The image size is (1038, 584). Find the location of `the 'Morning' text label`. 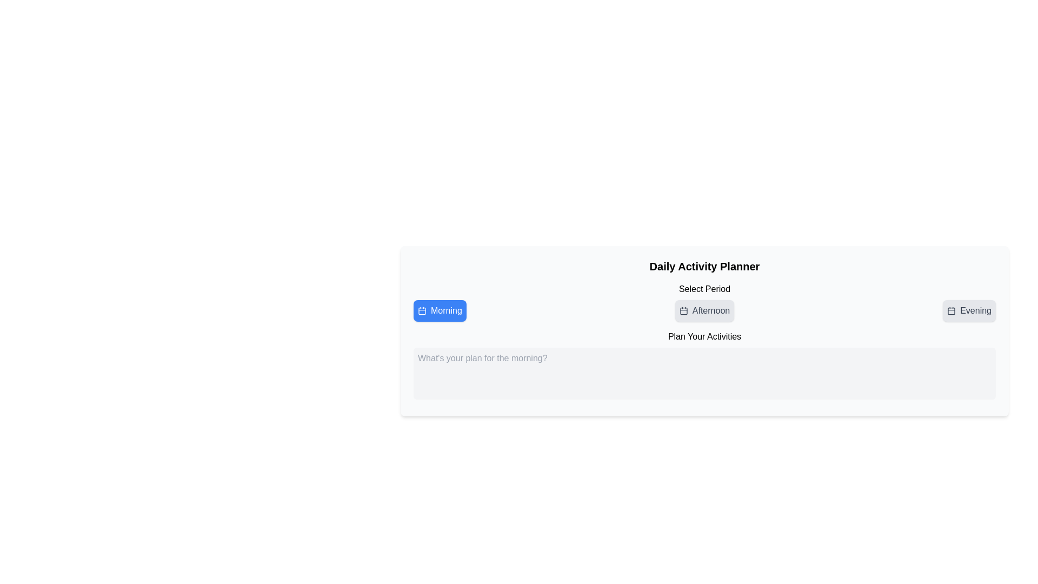

the 'Morning' text label is located at coordinates (446, 310).